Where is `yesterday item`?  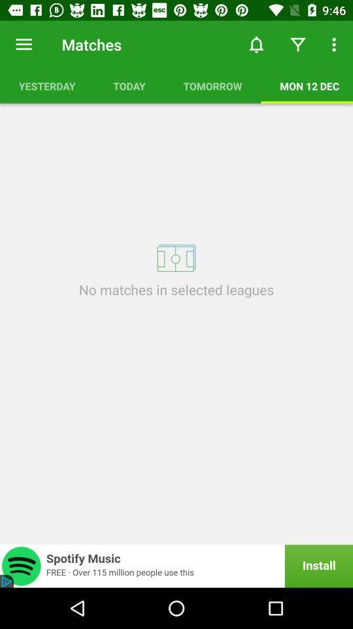
yesterday item is located at coordinates (46, 85).